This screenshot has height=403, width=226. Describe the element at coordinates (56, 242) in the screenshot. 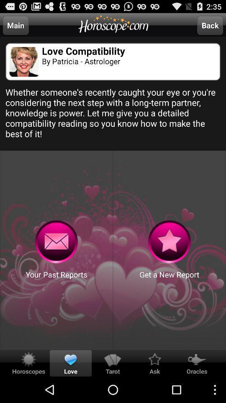

I see `recieved past reports` at that location.